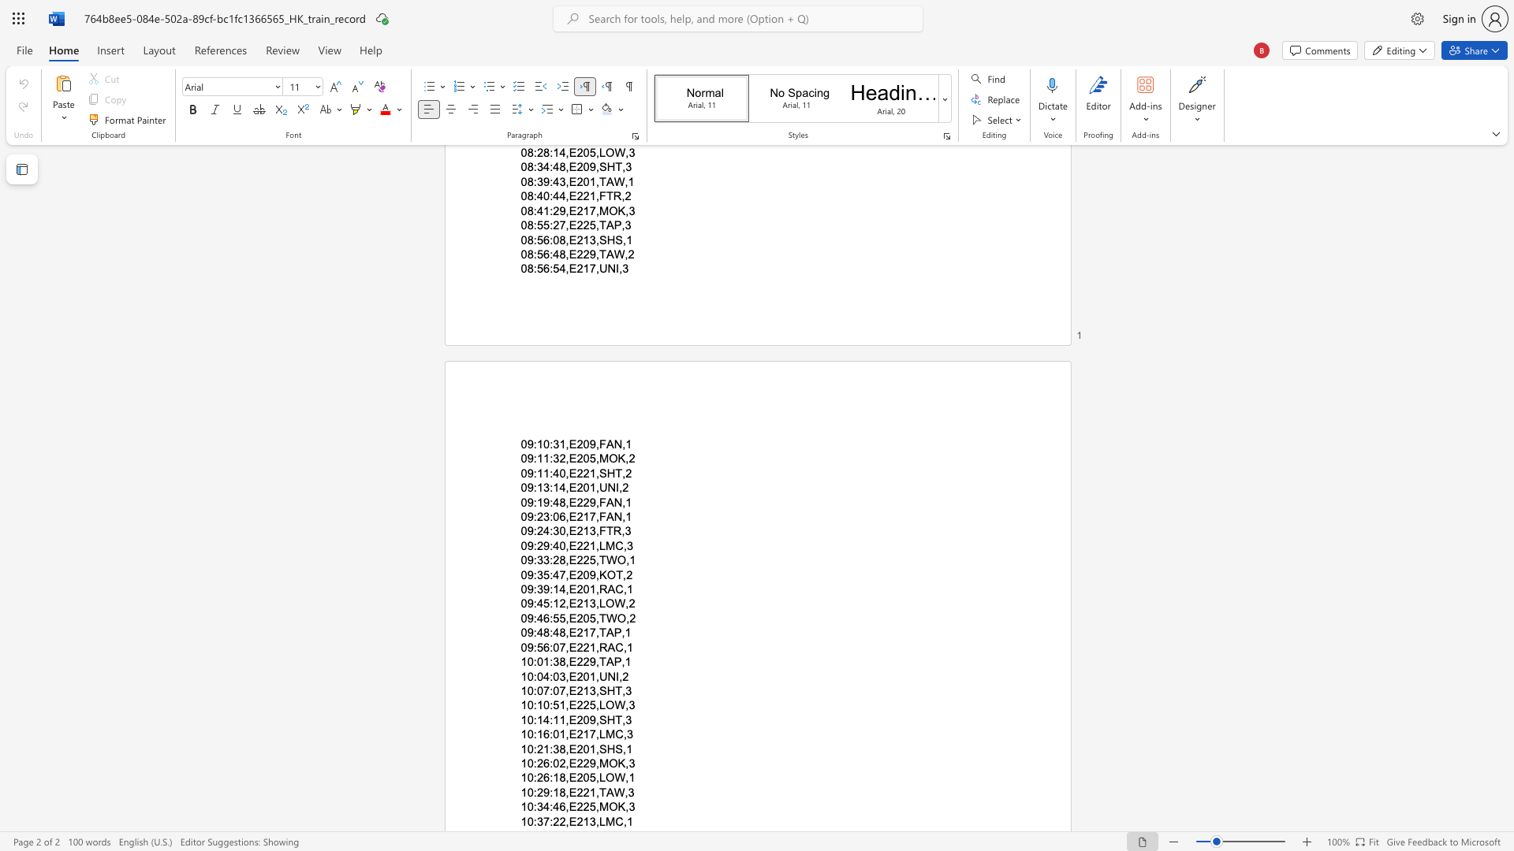 The height and width of the screenshot is (851, 1514). Describe the element at coordinates (613, 544) in the screenshot. I see `the space between the continuous character "M" and "C" in the text` at that location.